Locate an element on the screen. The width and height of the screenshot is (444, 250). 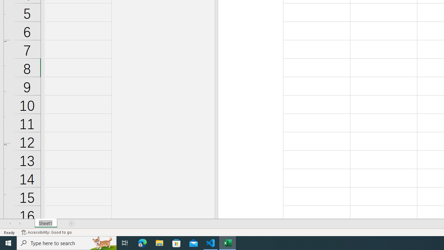
'Accessibility Checker Accessibility: Good to go' is located at coordinates (46, 232).